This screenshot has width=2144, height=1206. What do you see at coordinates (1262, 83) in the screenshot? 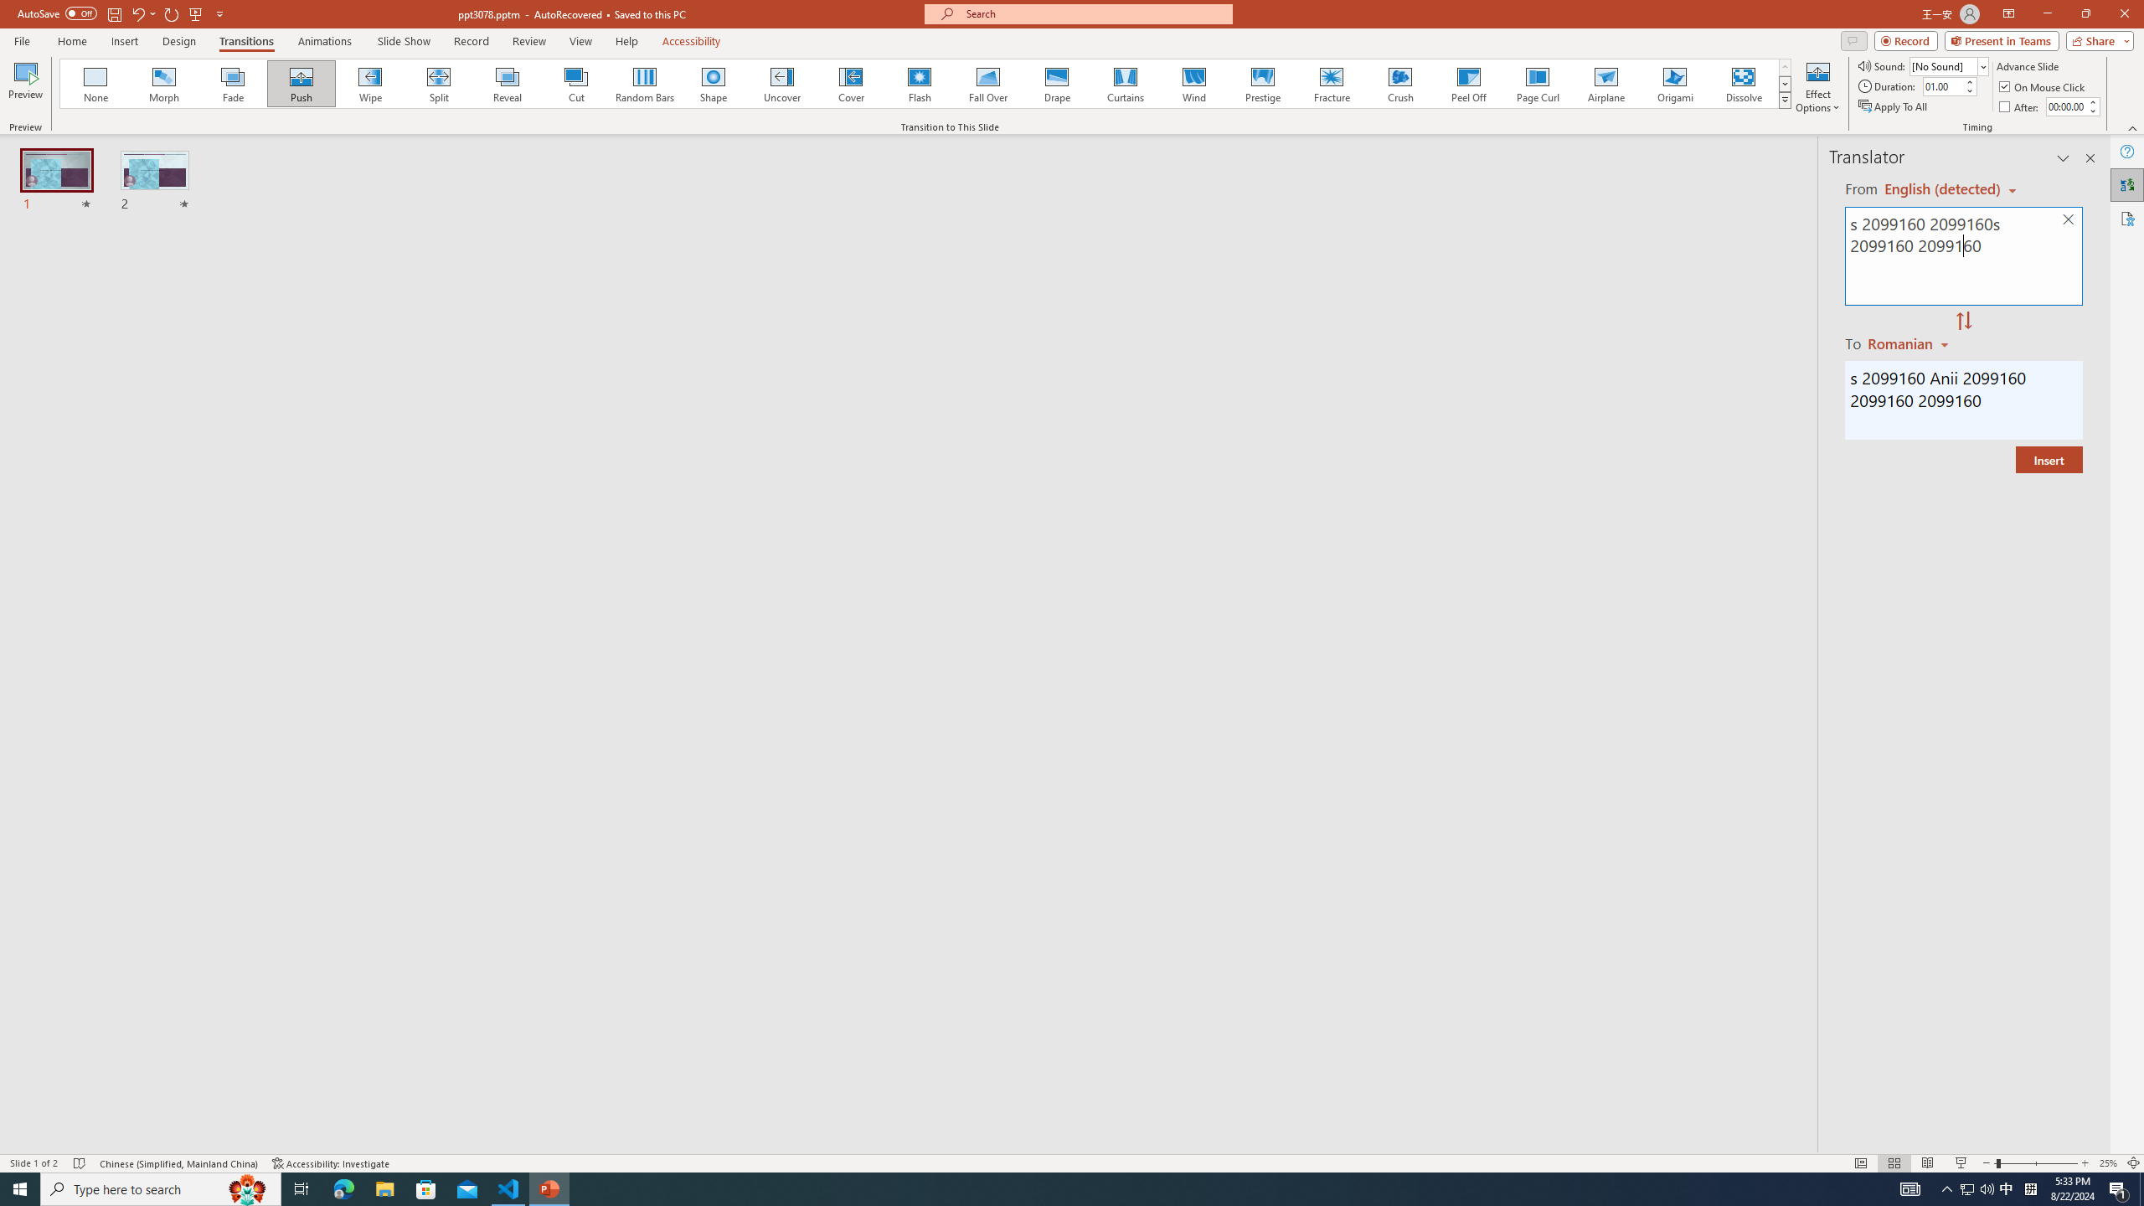
I see `'Prestige'` at bounding box center [1262, 83].